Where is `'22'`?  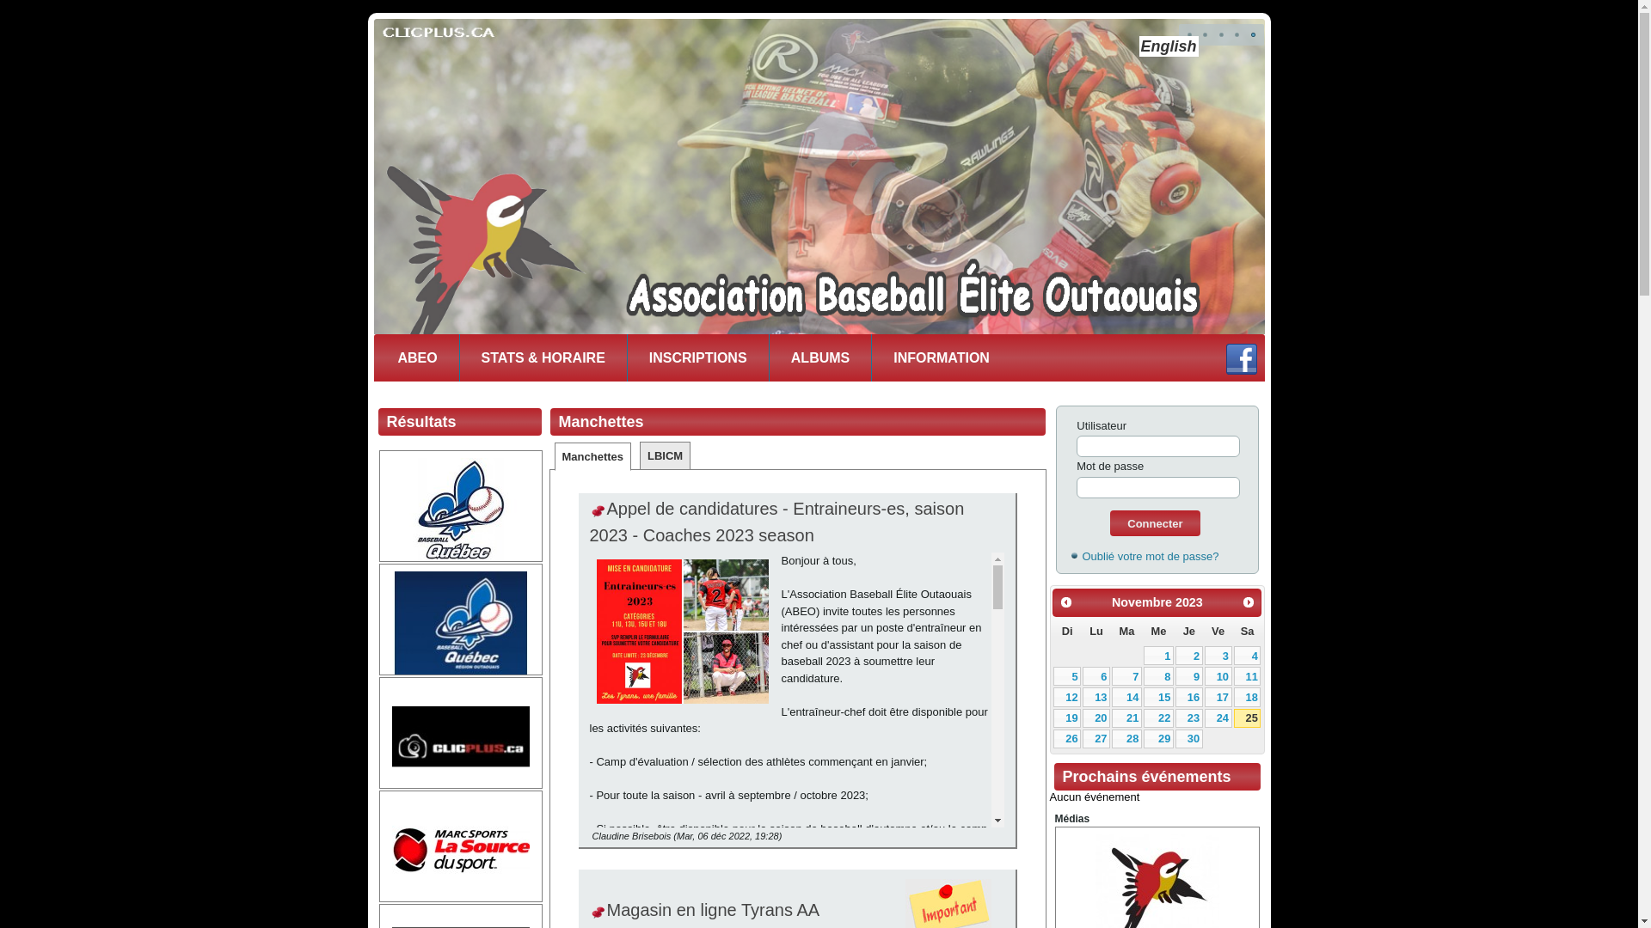
'22' is located at coordinates (1158, 718).